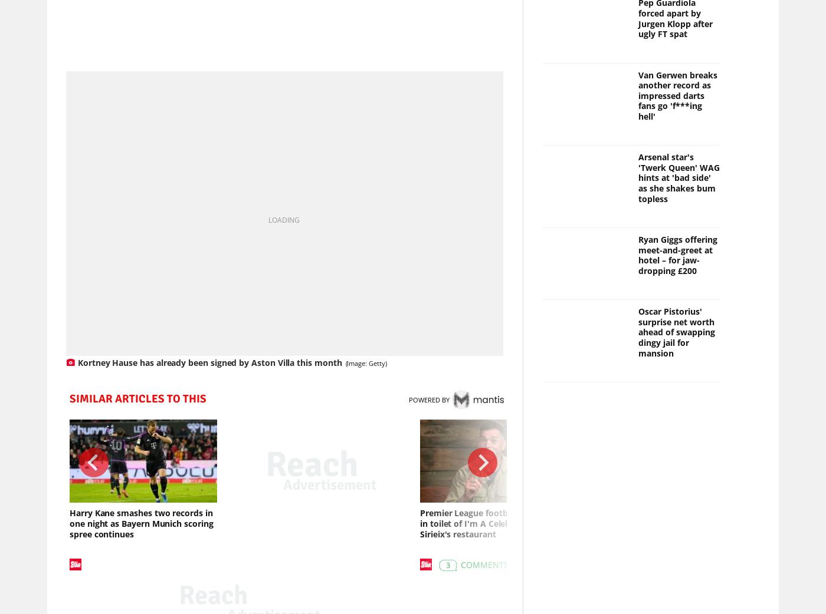 The height and width of the screenshot is (614, 826). I want to click on 'Premier League footballer had sex in toilet of I'm A Celeb star Fred Sirieix's restaurant', so click(489, 524).